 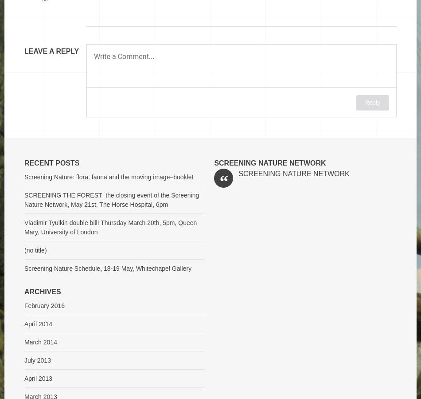 What do you see at coordinates (24, 250) in the screenshot?
I see `'(no title)'` at bounding box center [24, 250].